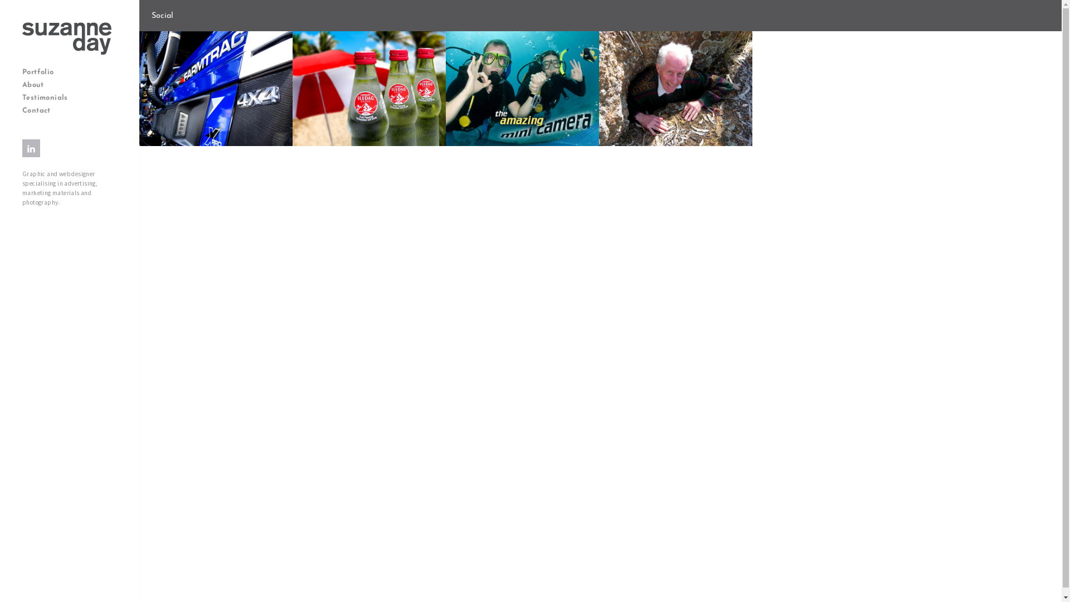 Image resolution: width=1070 pixels, height=602 pixels. What do you see at coordinates (70, 72) in the screenshot?
I see `'Portfolio'` at bounding box center [70, 72].